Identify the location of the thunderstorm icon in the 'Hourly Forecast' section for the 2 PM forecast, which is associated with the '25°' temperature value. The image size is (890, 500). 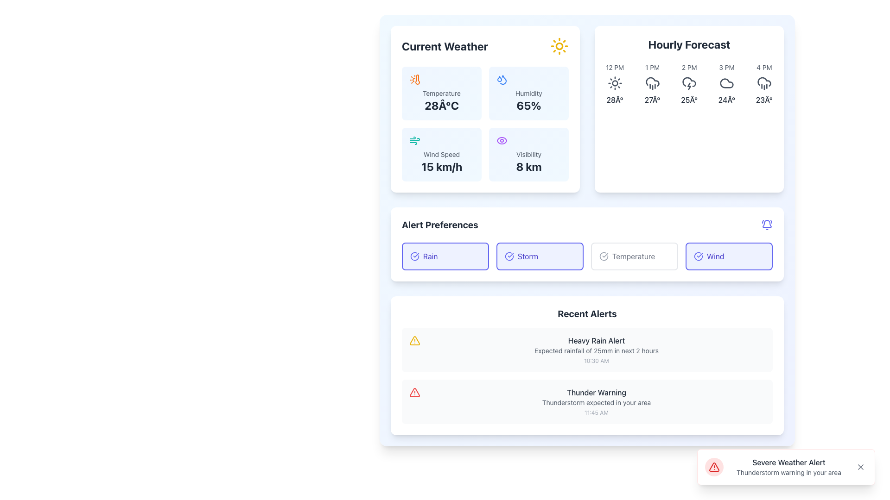
(689, 83).